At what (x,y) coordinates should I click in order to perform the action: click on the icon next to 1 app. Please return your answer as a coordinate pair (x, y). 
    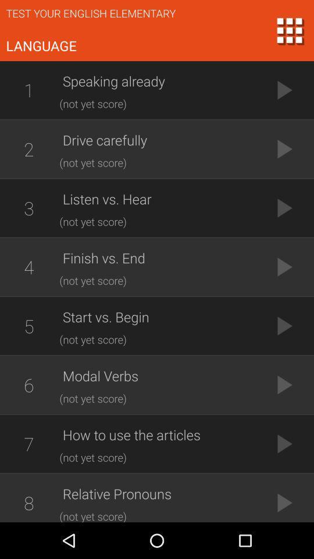
    Looking at the image, I should click on (159, 80).